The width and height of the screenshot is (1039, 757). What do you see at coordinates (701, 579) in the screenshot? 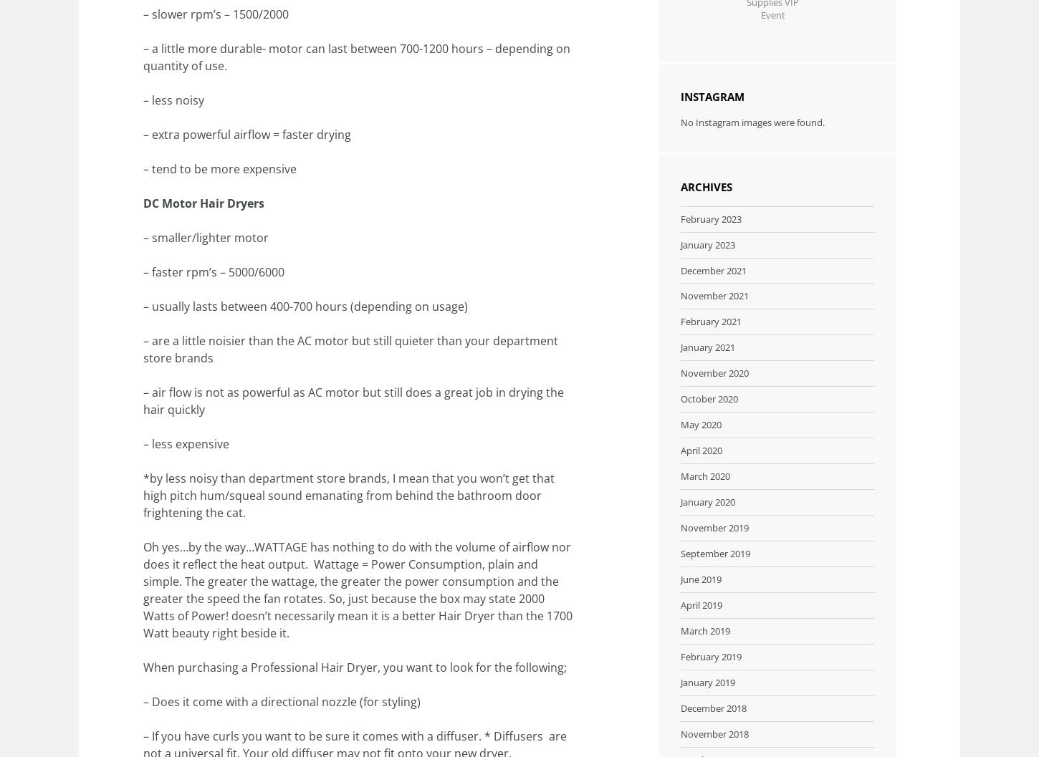
I see `'June 2019'` at bounding box center [701, 579].